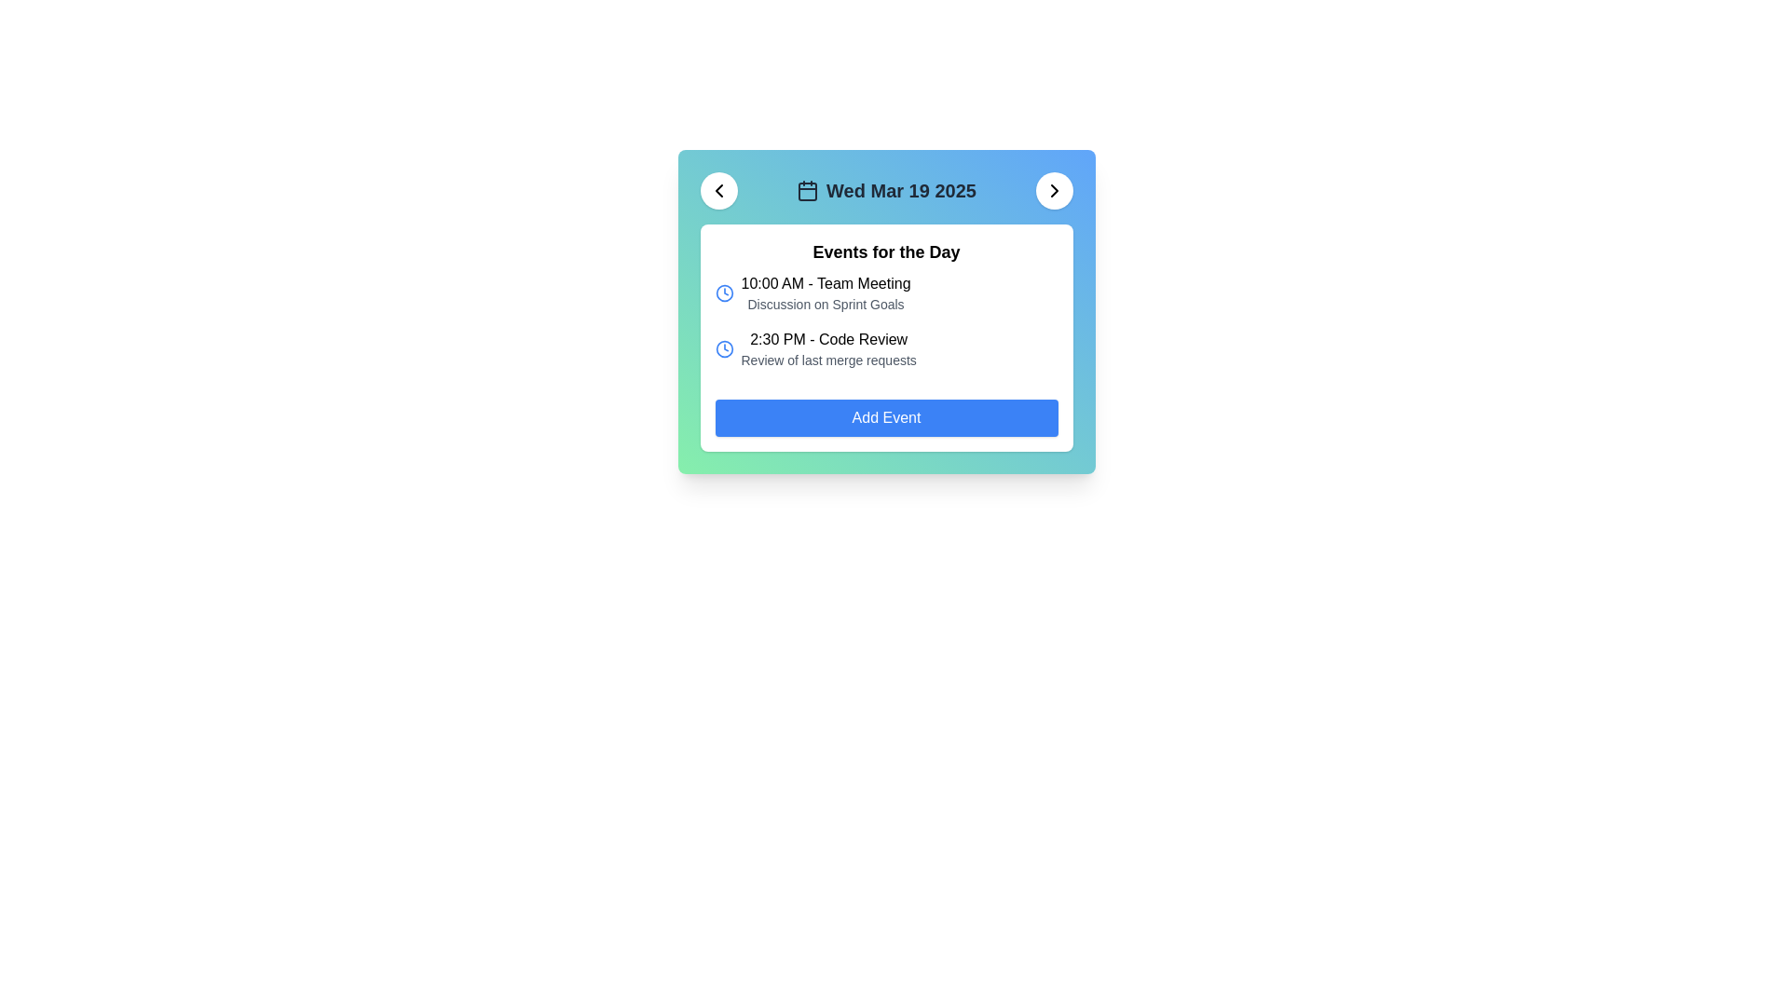  Describe the element at coordinates (827, 348) in the screenshot. I see `the text block displaying the title '2:30 PM - Code Review' and subtitle 'Review of last merge requests'` at that location.